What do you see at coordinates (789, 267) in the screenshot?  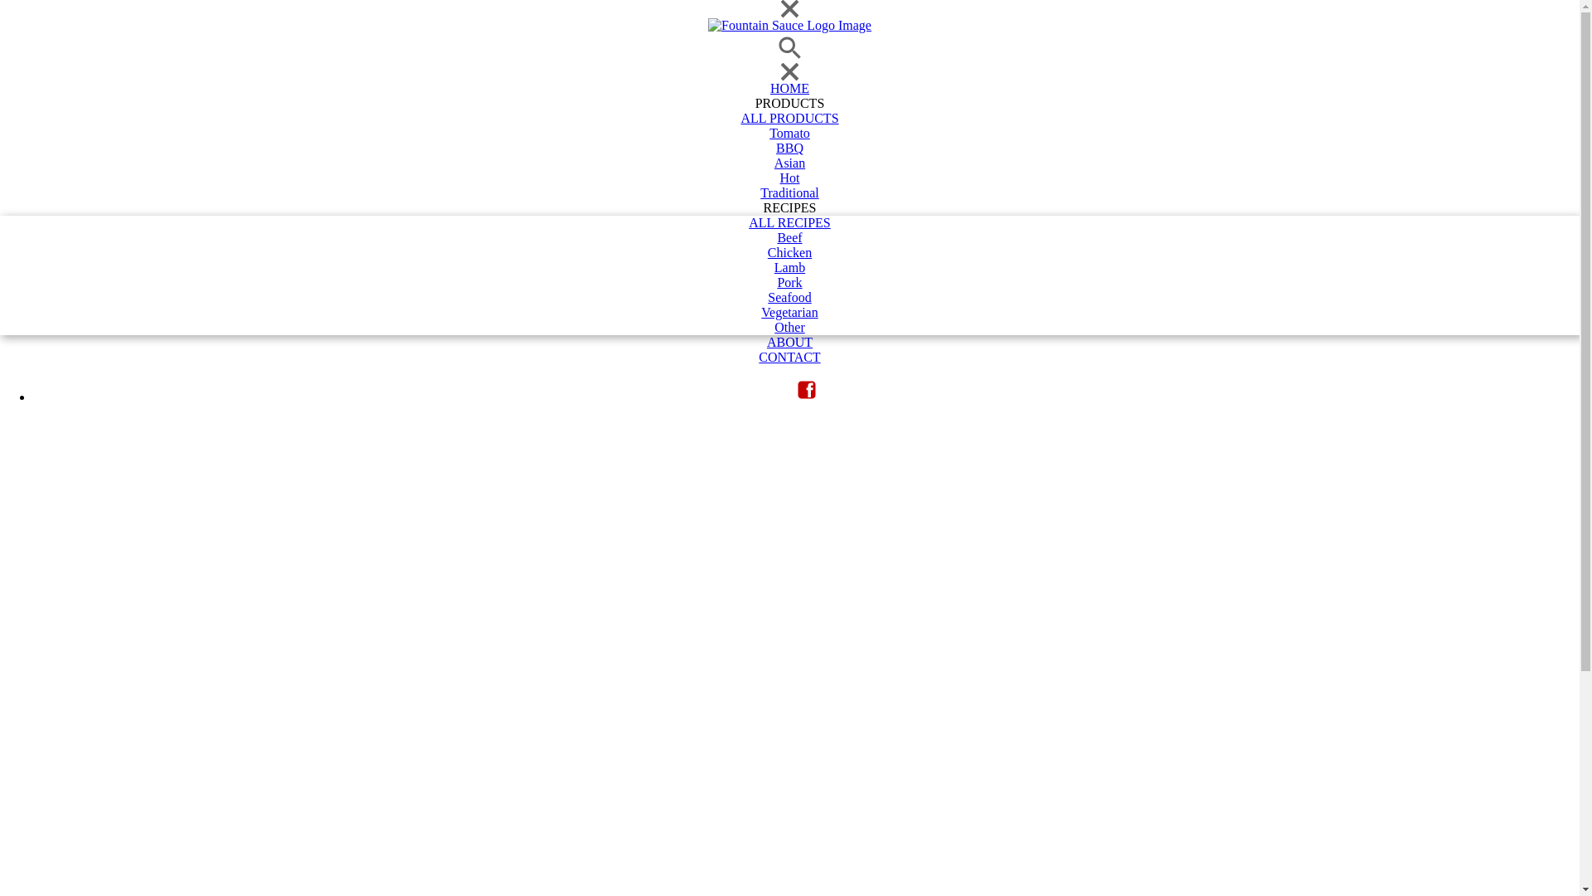 I see `'Lamb'` at bounding box center [789, 267].